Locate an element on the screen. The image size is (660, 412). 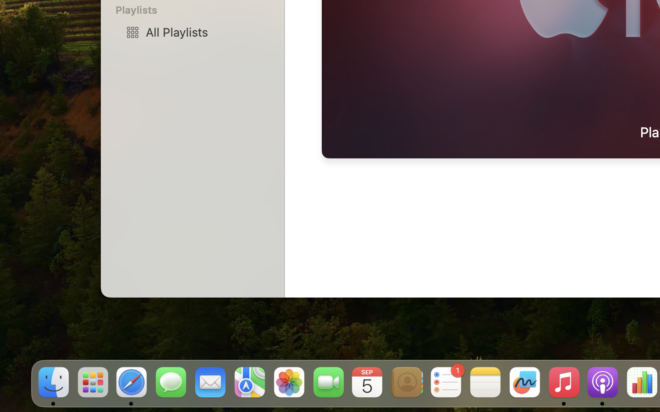
'All Playlists' is located at coordinates (207, 32).